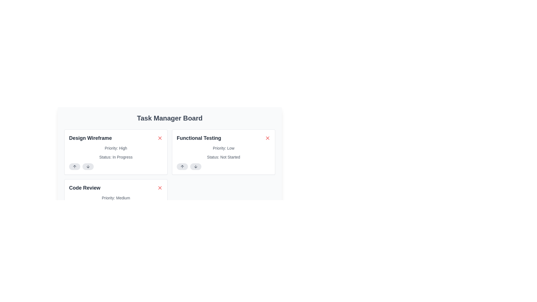  Describe the element at coordinates (116, 166) in the screenshot. I see `the downward arrow button in the control interface for adjusting task priorities located in the 'Design Wireframe' section of the Task Manager Board` at that location.